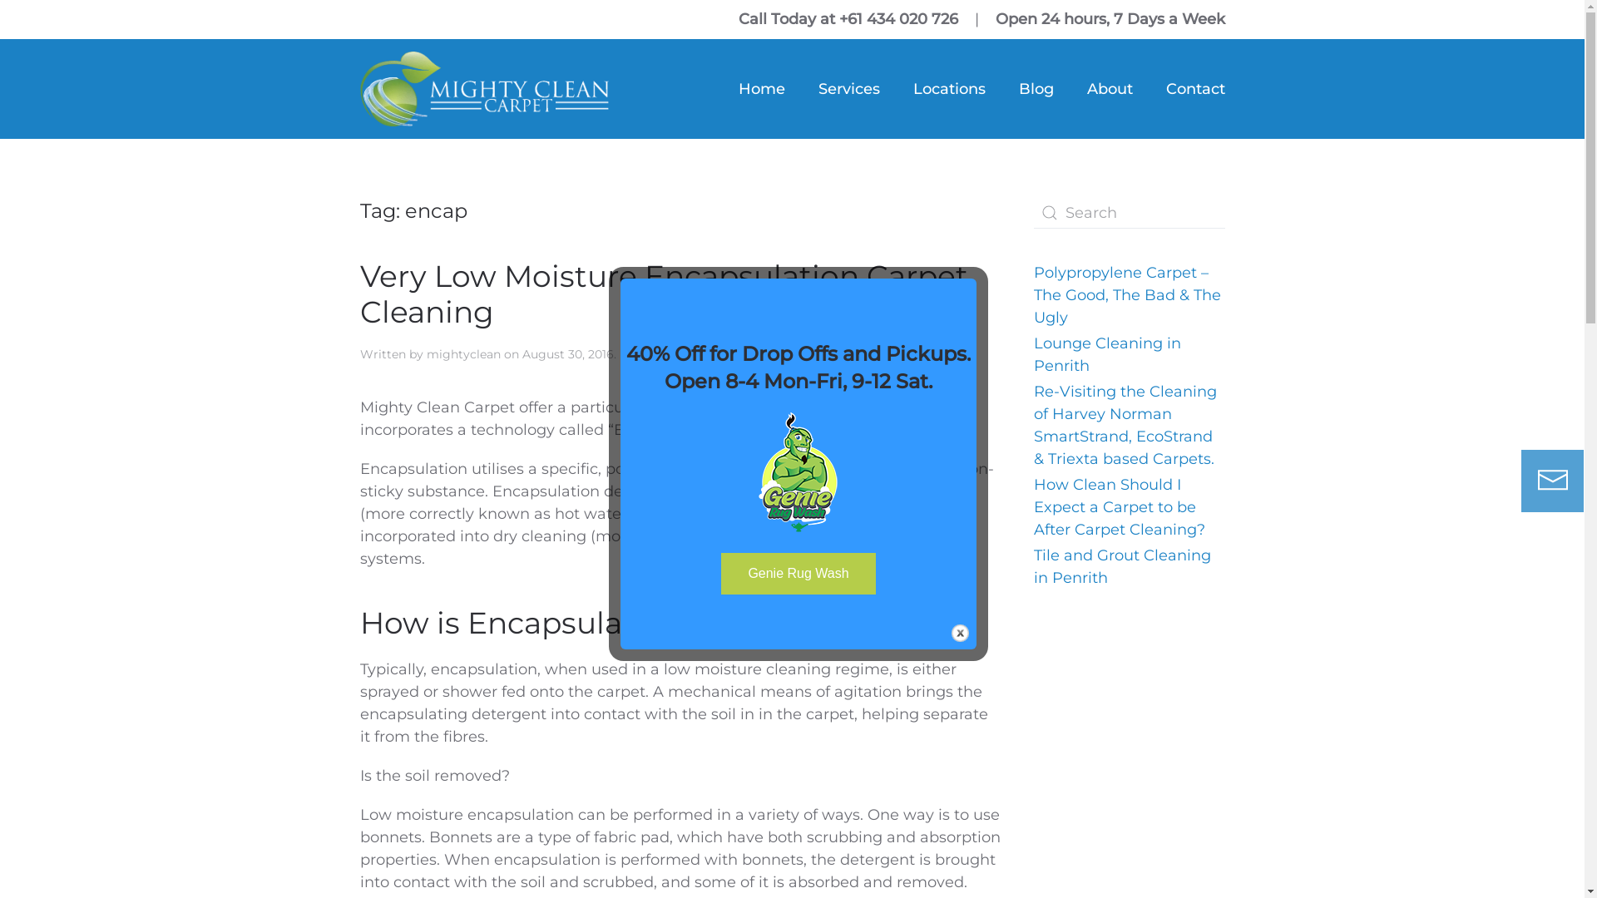 The height and width of the screenshot is (898, 1597). What do you see at coordinates (849, 89) in the screenshot?
I see `'Services'` at bounding box center [849, 89].